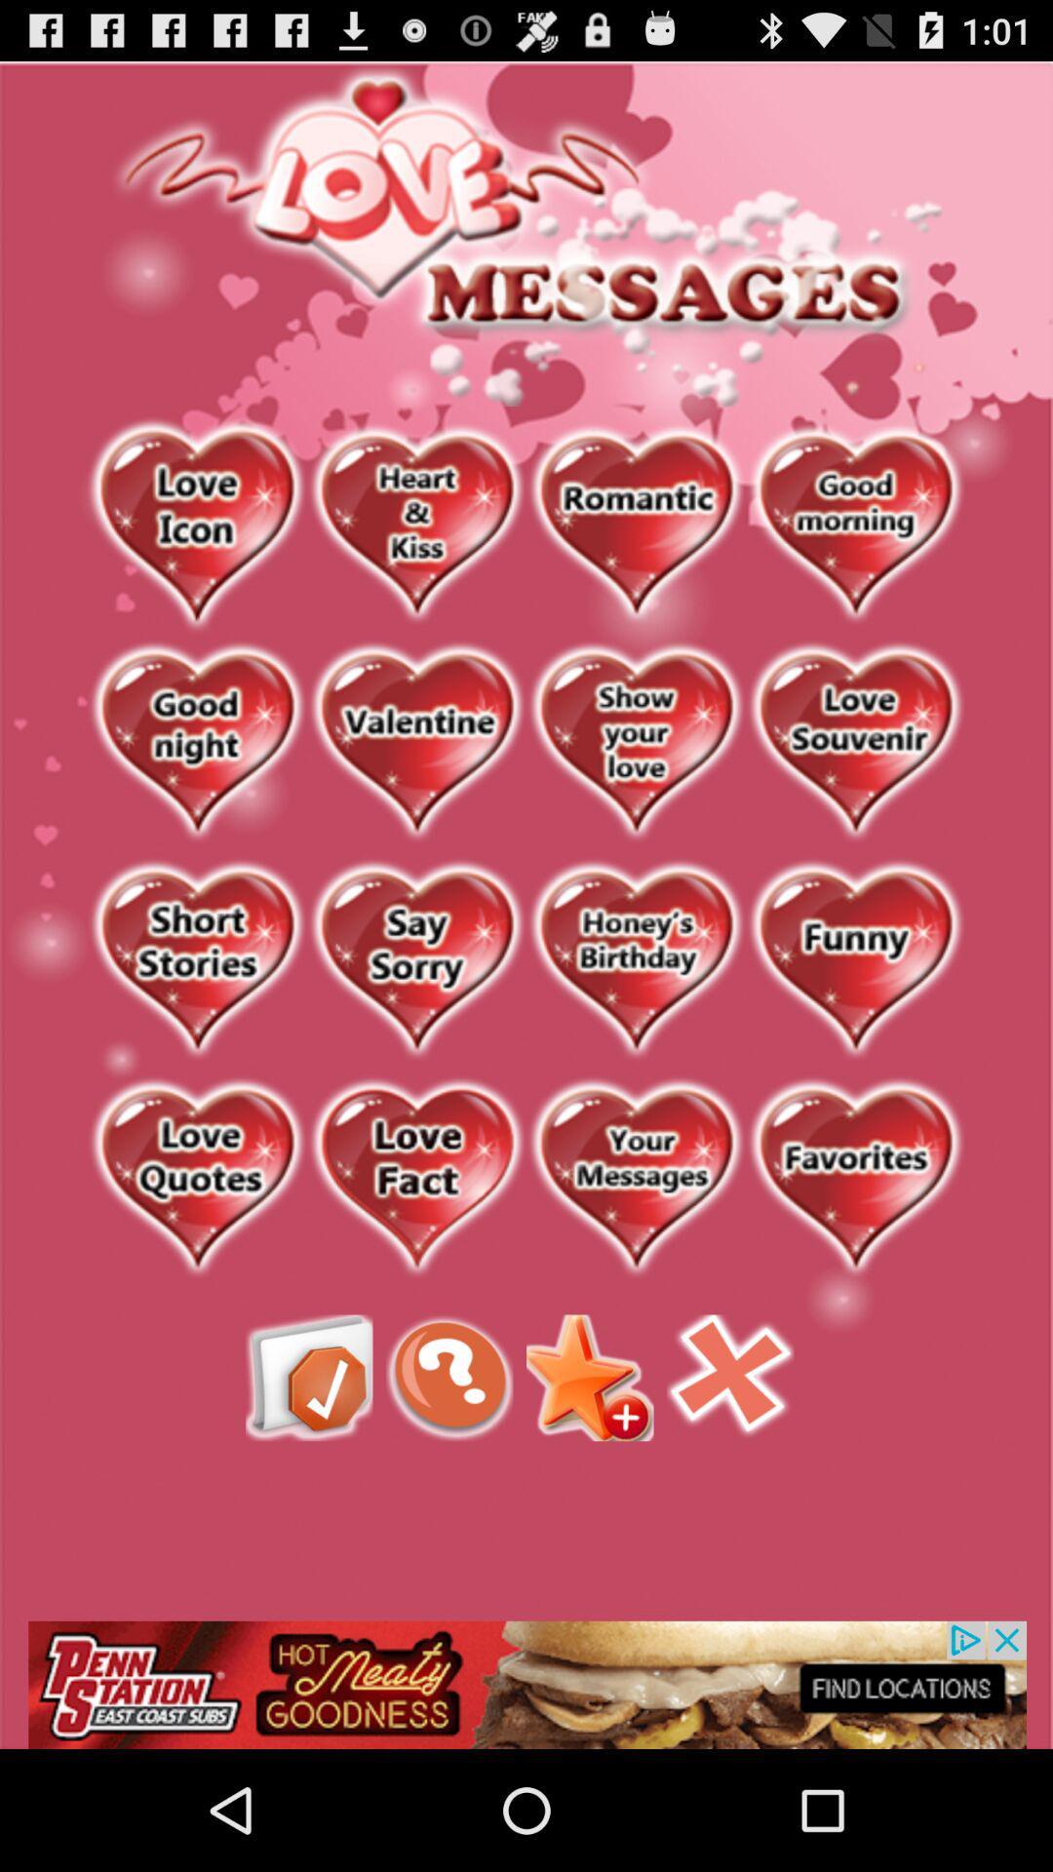 The width and height of the screenshot is (1053, 1872). Describe the element at coordinates (197, 961) in the screenshot. I see `short stories` at that location.